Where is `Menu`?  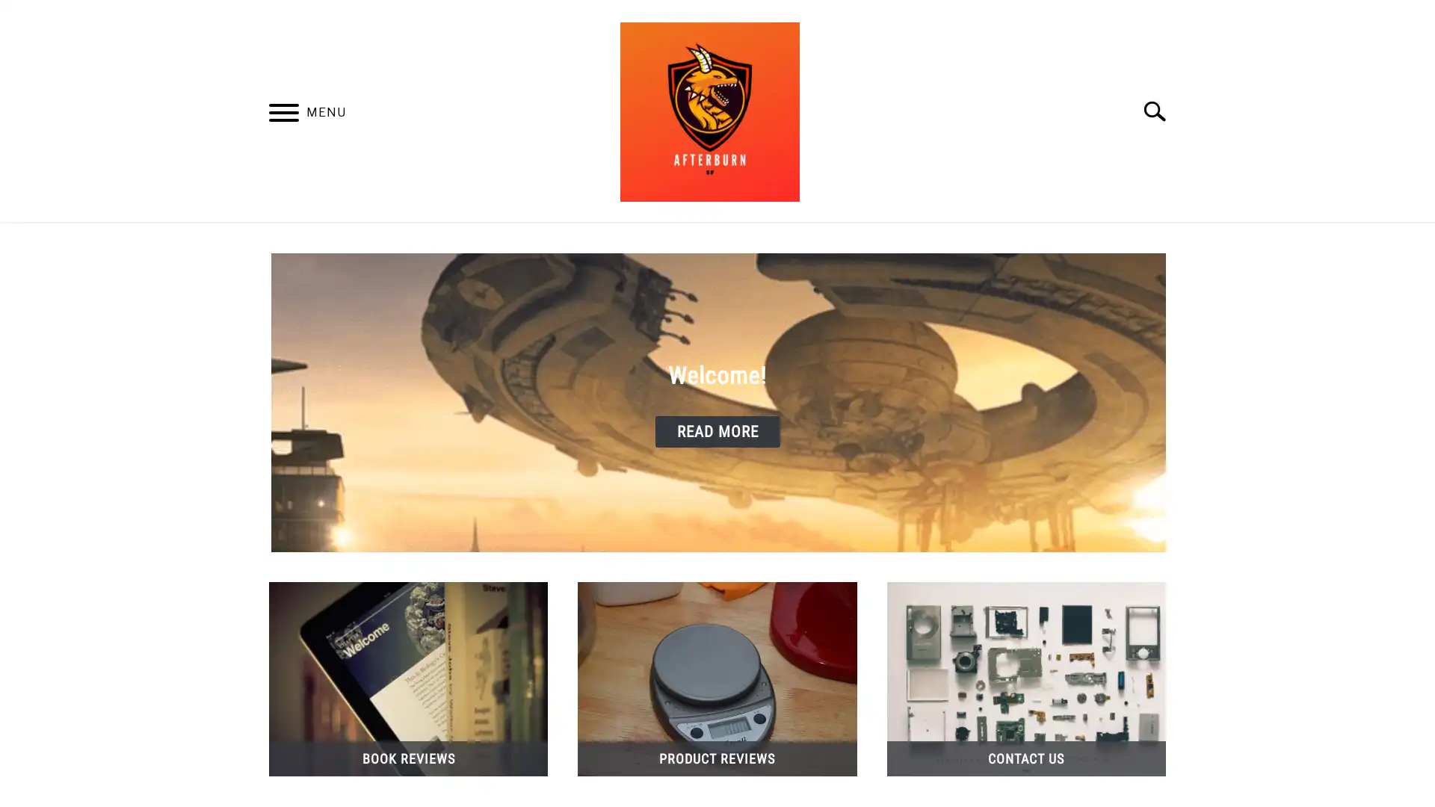
Menu is located at coordinates (283, 114).